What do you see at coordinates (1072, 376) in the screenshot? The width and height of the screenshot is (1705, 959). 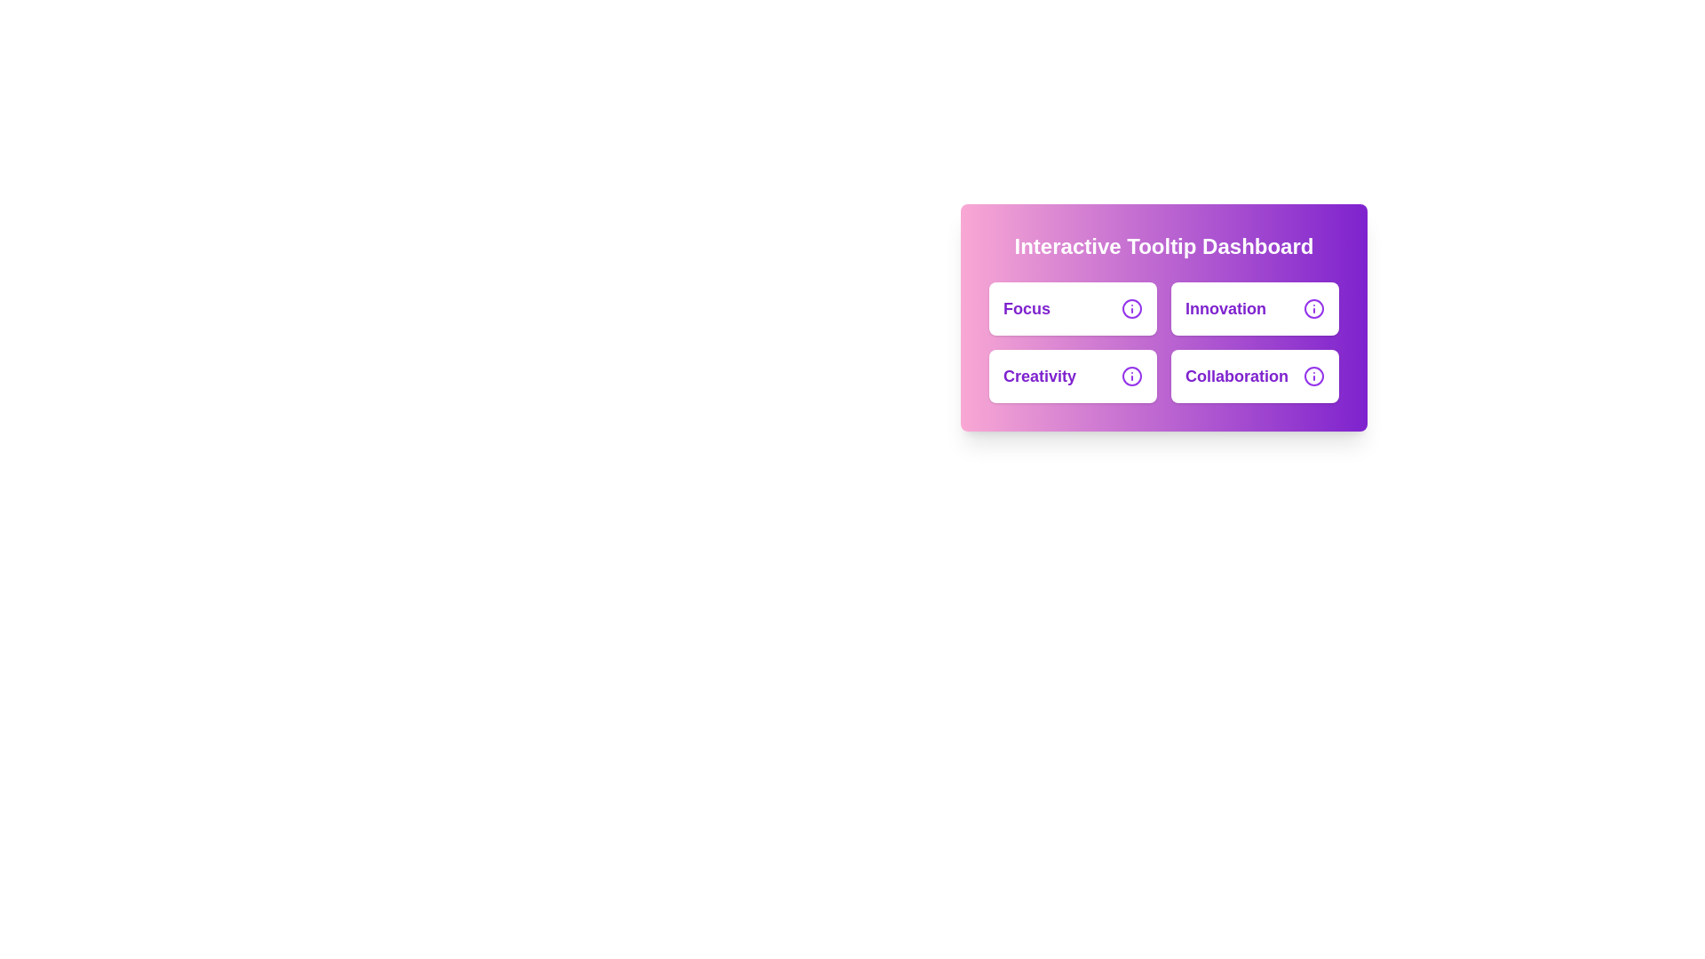 I see `the 'Creativity' text on the card located in the bottom-left quadrant of the grid, below the 'Focus' card and to the left of the 'Collaboration' card` at bounding box center [1072, 376].